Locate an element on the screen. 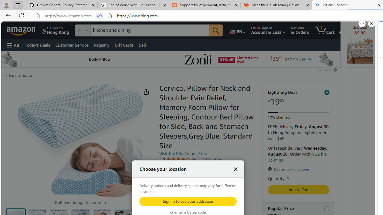  'Sign in to see your addresses' is located at coordinates (188, 201).